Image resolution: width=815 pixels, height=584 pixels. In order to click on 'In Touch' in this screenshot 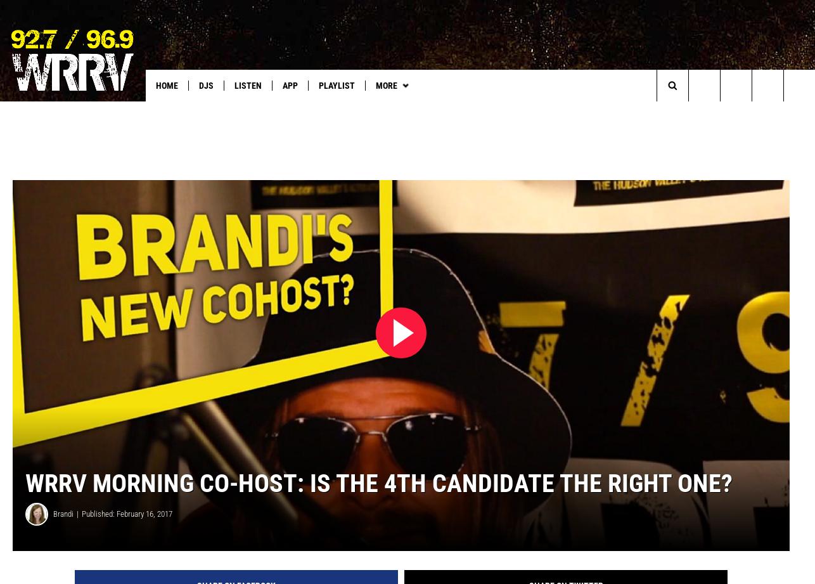, I will do `click(491, 111)`.